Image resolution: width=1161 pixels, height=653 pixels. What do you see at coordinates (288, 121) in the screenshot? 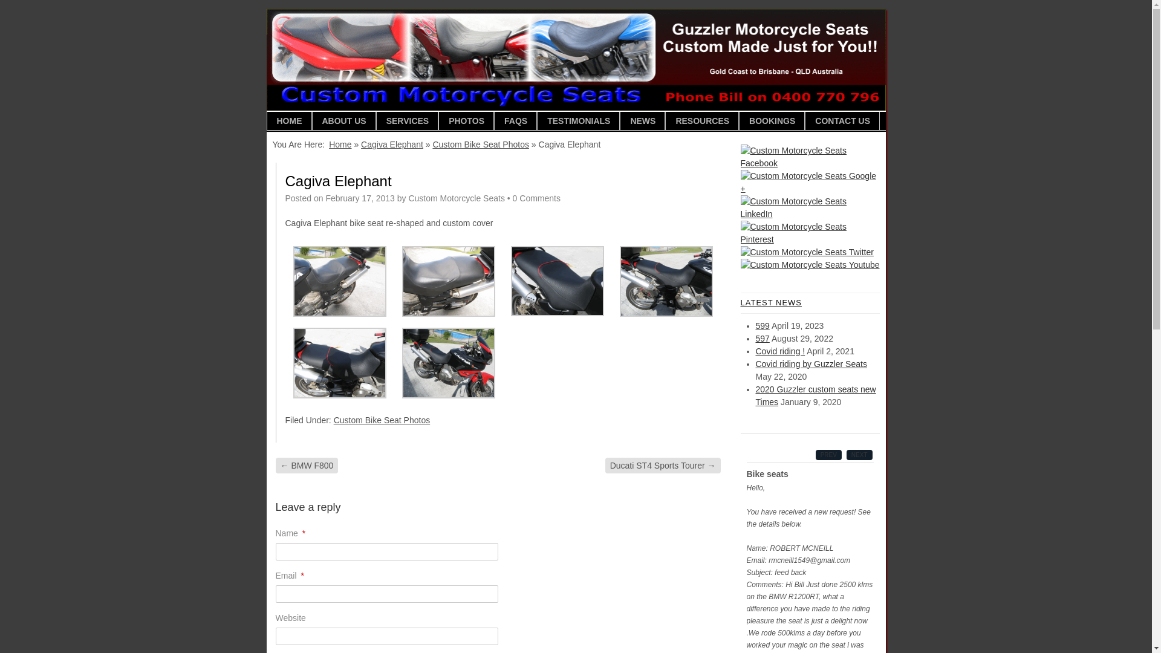
I see `'HOME'` at bounding box center [288, 121].